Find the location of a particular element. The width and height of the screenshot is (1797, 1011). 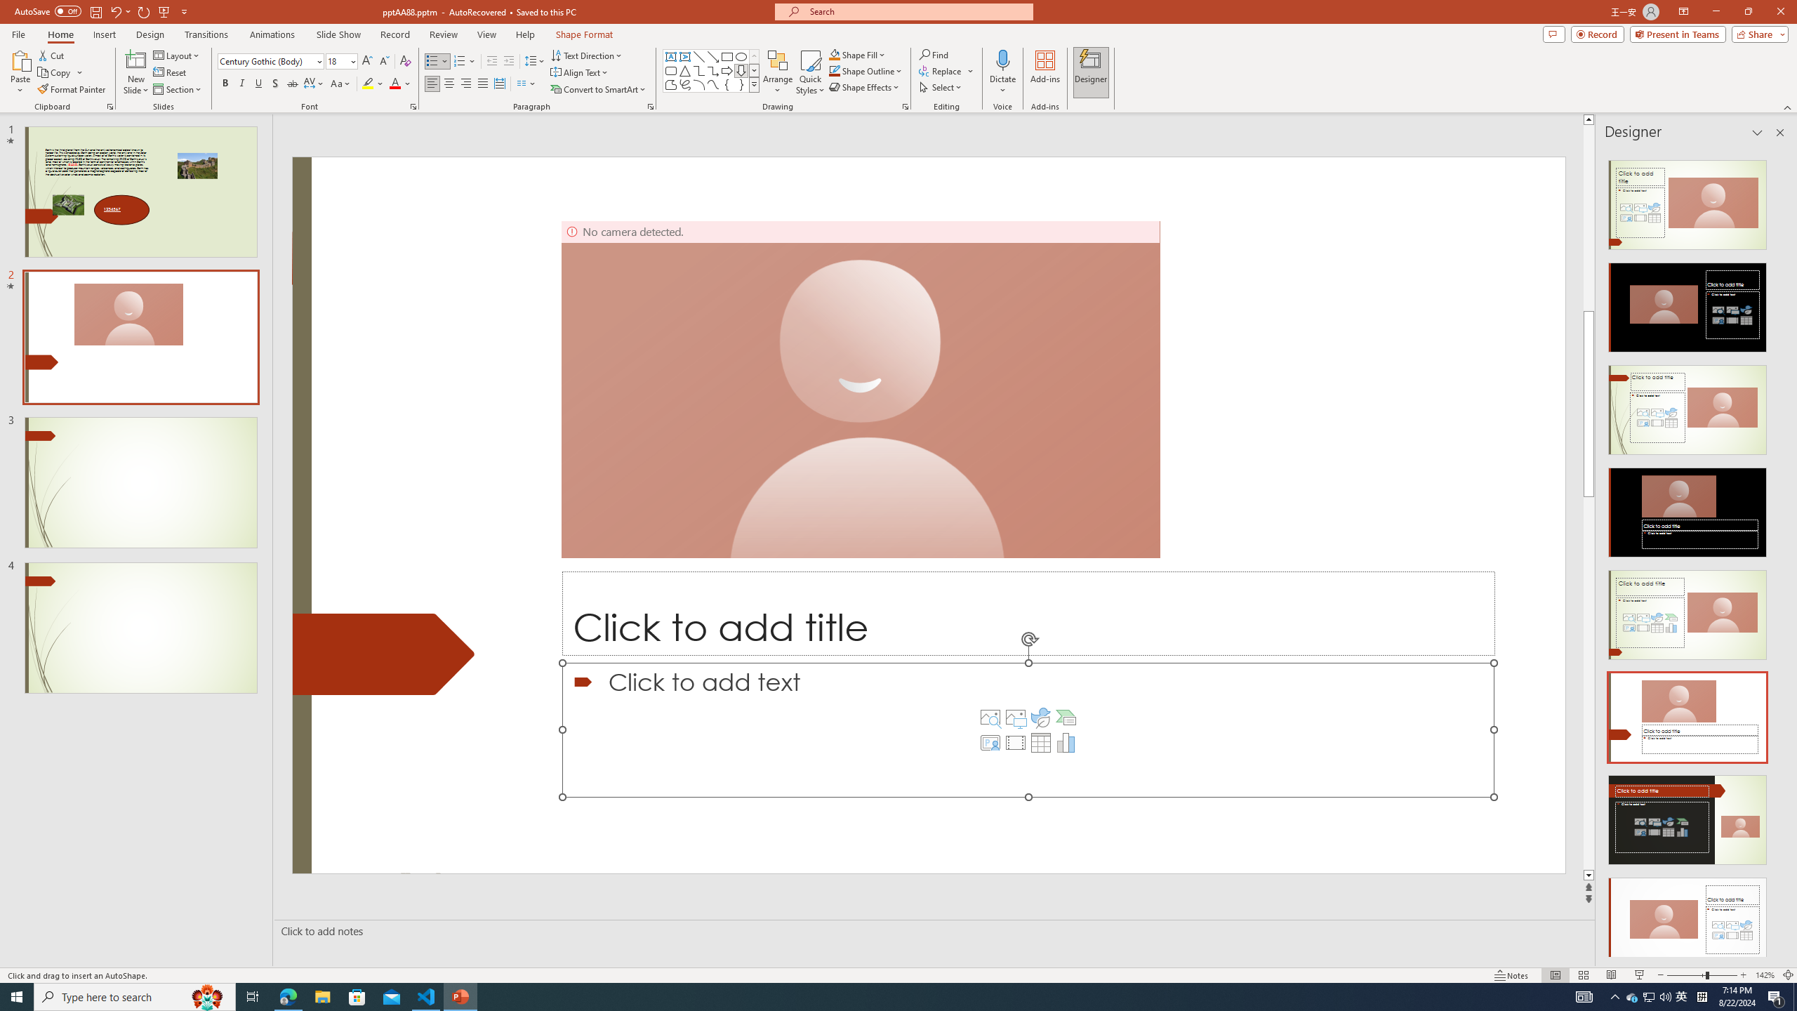

'Shape Format' is located at coordinates (584, 34).